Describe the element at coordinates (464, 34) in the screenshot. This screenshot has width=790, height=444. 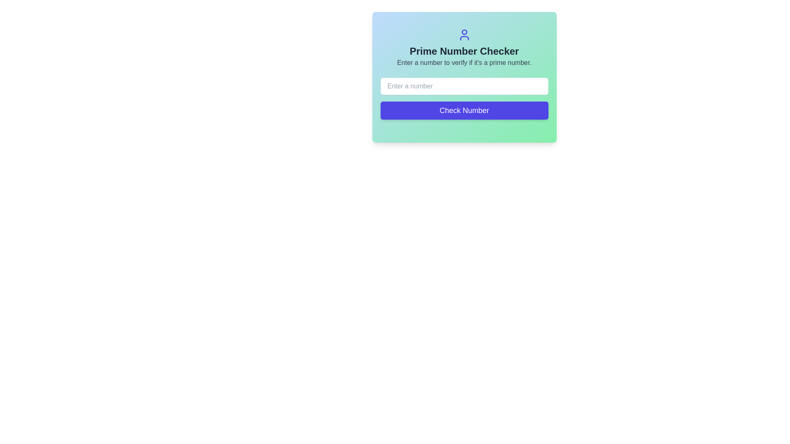
I see `the decorative icon that signifies a user or profile theme, positioned above the title text 'Prime Number Checker' within the panel` at that location.